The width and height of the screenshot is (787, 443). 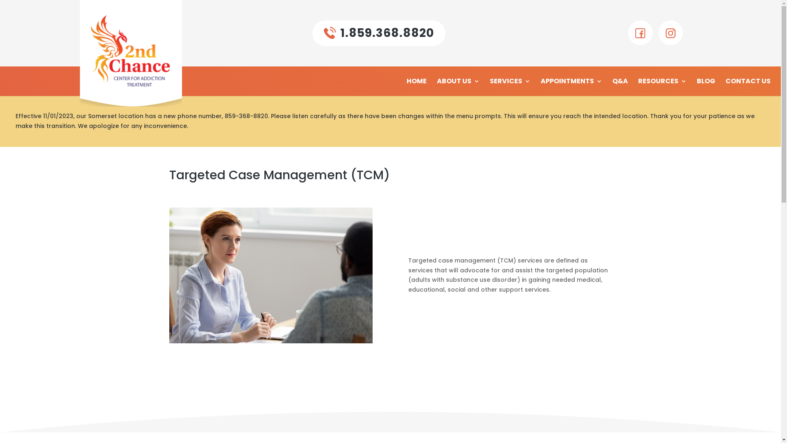 I want to click on 'CONTACT US', so click(x=748, y=87).